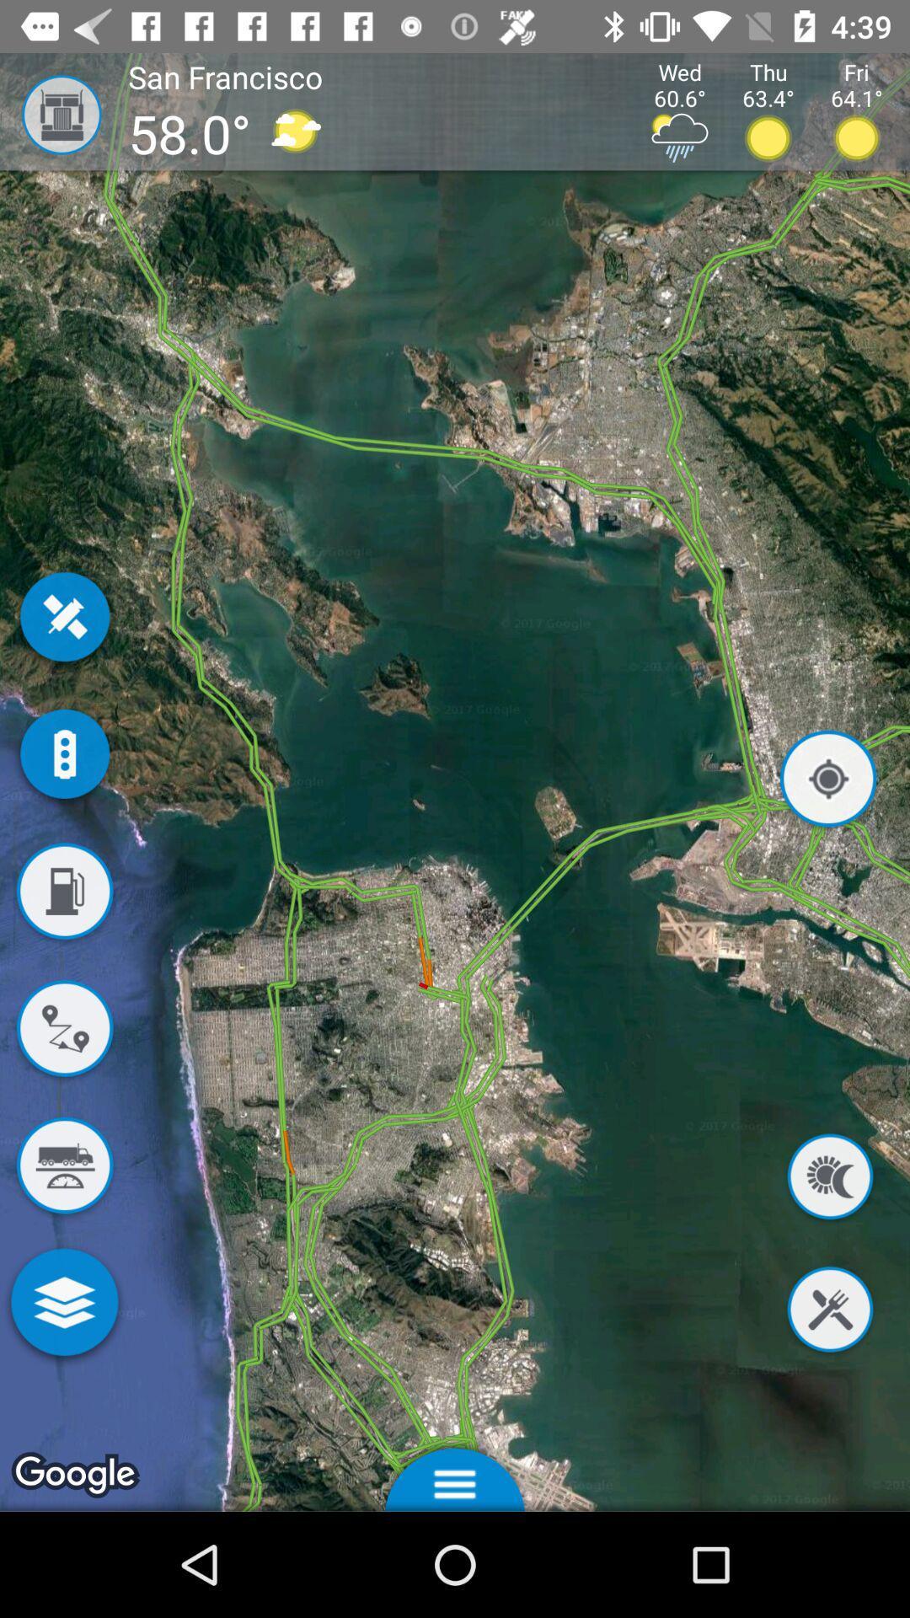 This screenshot has height=1618, width=910. What do you see at coordinates (829, 1179) in the screenshot?
I see `day/night mode` at bounding box center [829, 1179].